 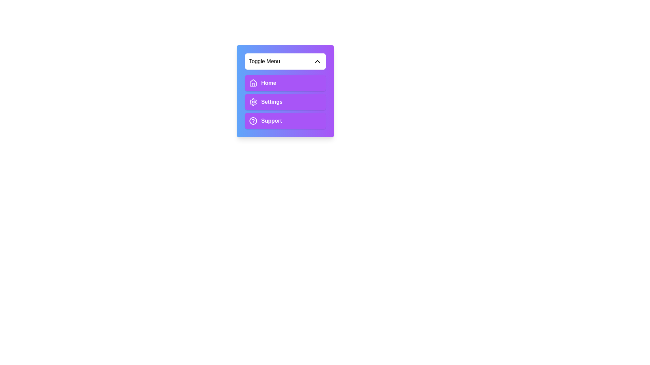 What do you see at coordinates (253, 102) in the screenshot?
I see `the settings icon with a gear design that has a purple background` at bounding box center [253, 102].